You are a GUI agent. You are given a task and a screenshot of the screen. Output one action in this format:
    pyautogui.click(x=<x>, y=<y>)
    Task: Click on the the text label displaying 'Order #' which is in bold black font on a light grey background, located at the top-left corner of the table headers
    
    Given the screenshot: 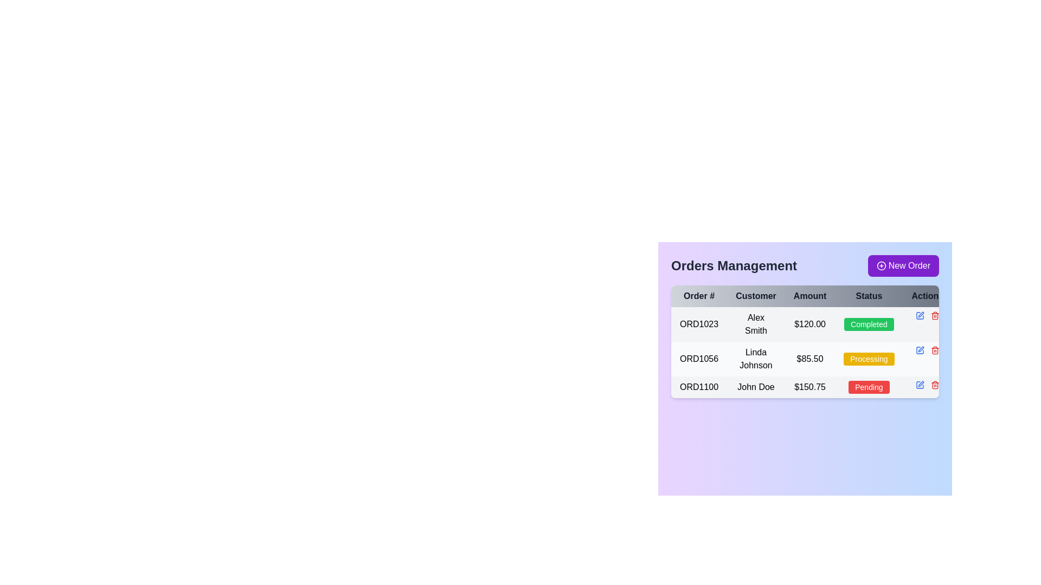 What is the action you would take?
    pyautogui.click(x=699, y=296)
    